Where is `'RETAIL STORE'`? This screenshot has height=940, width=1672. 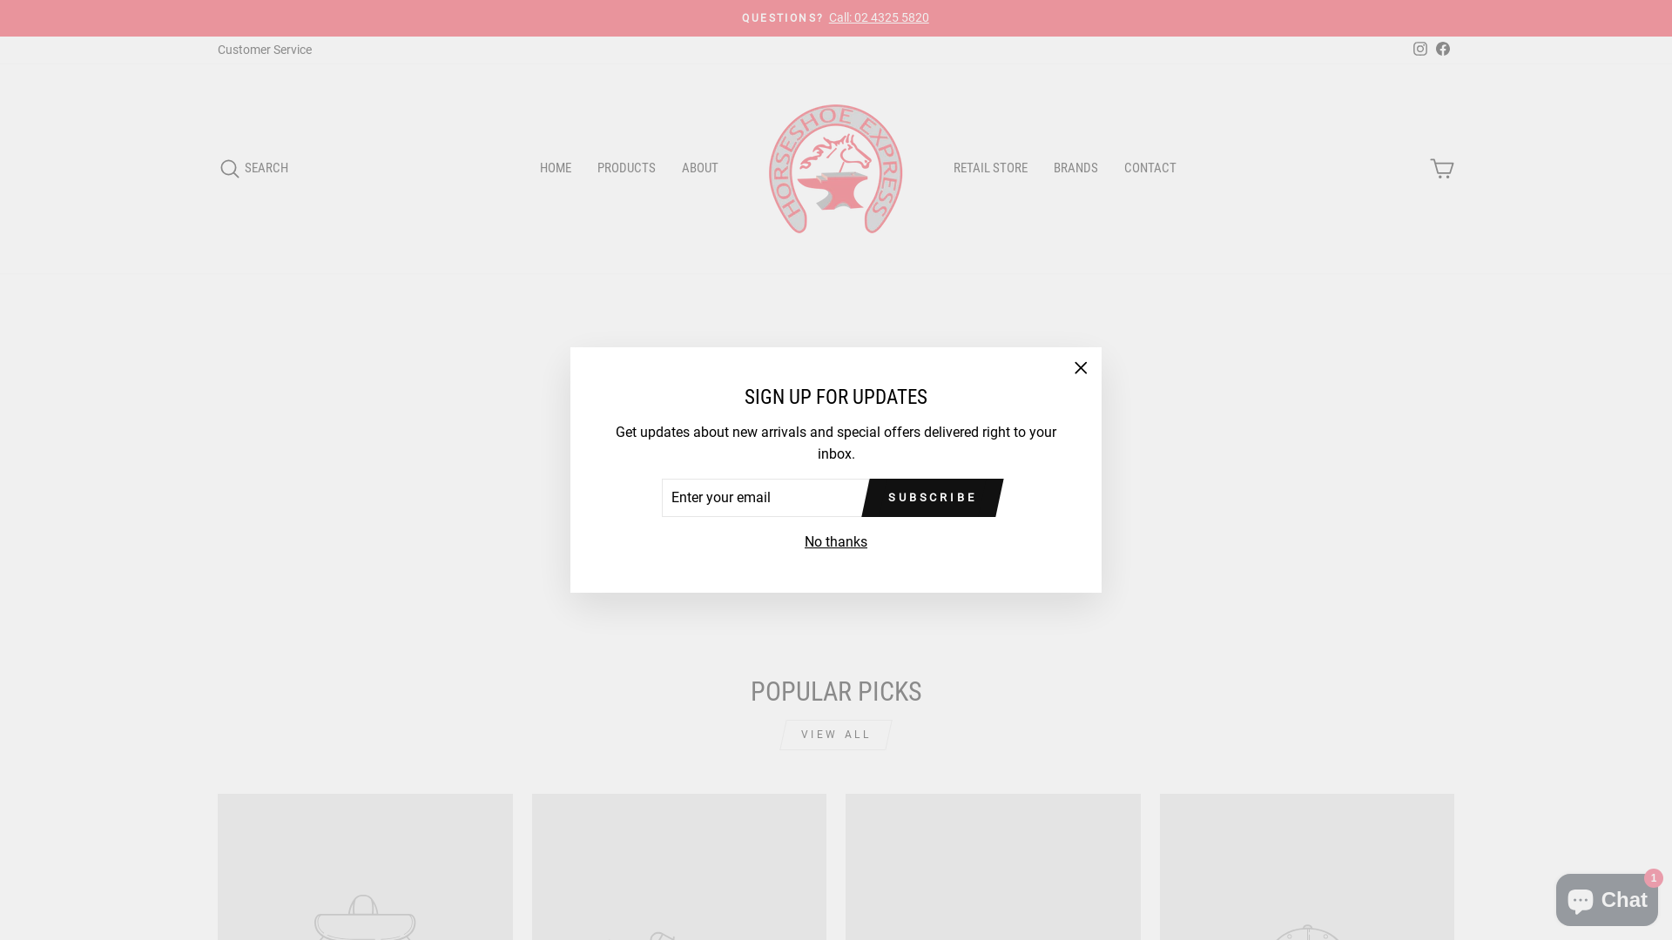
'RETAIL STORE' is located at coordinates (940, 168).